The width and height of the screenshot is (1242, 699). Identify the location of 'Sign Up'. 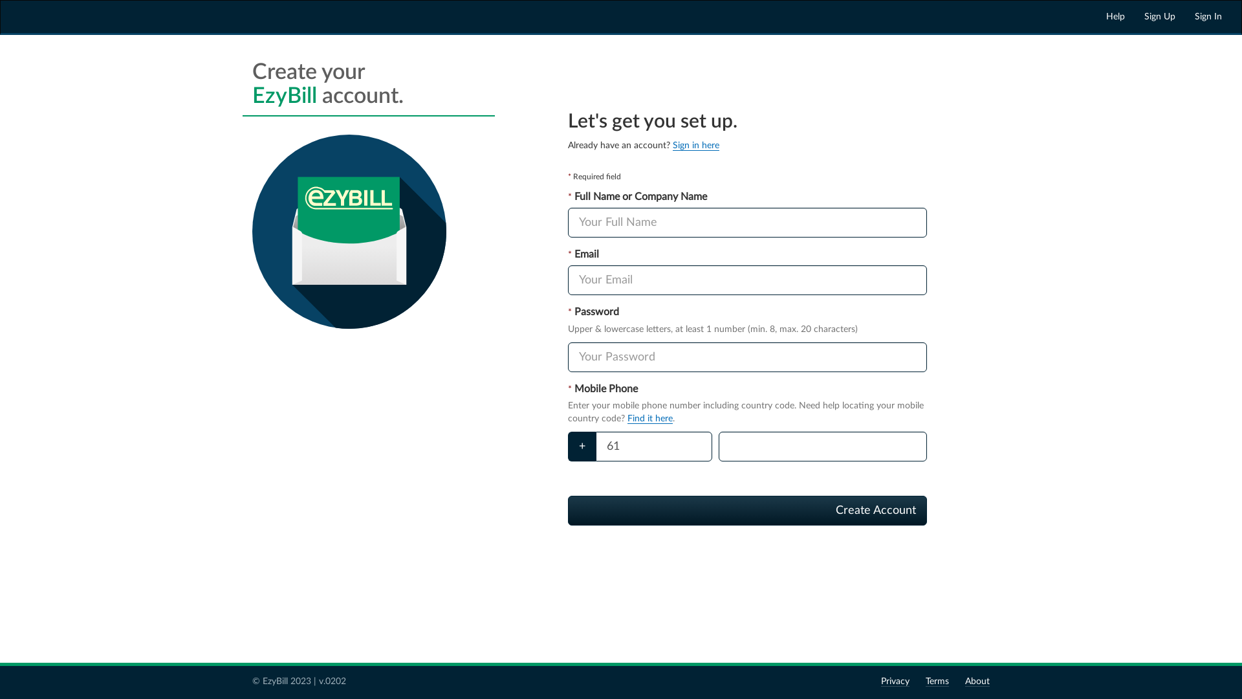
(1160, 17).